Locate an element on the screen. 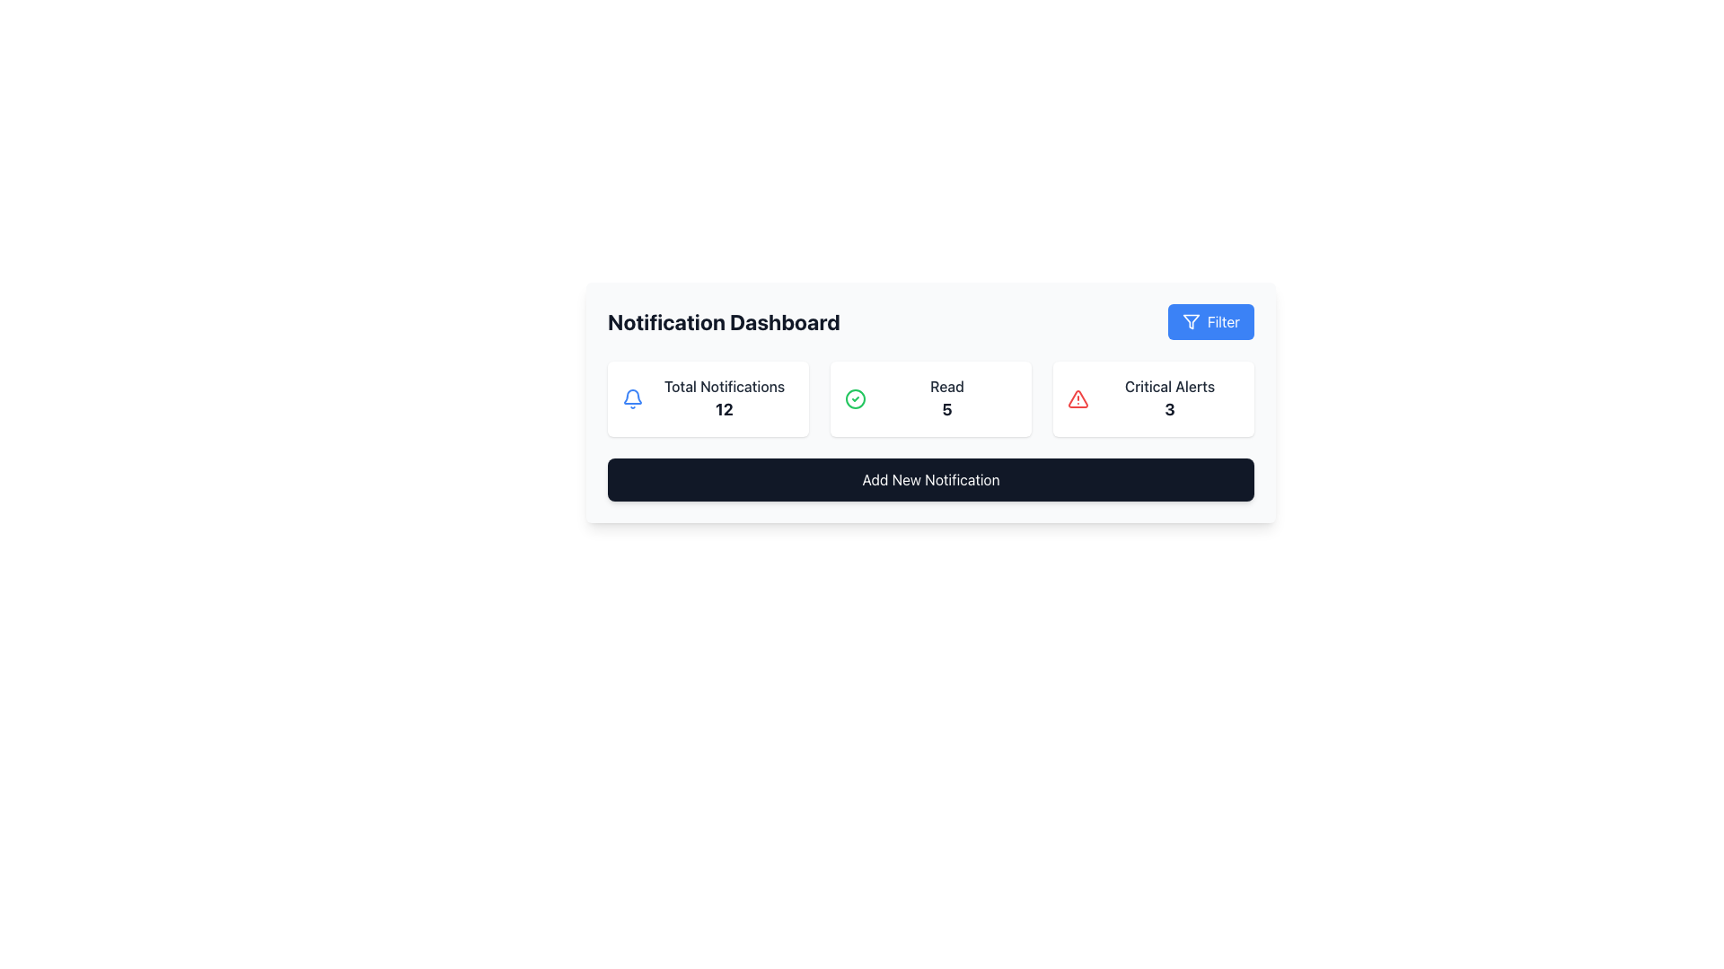 The image size is (1724, 969). numeric value '3' in bold font located in the 'Critical Alerts' section of the notification dashboard is located at coordinates (1169, 409).